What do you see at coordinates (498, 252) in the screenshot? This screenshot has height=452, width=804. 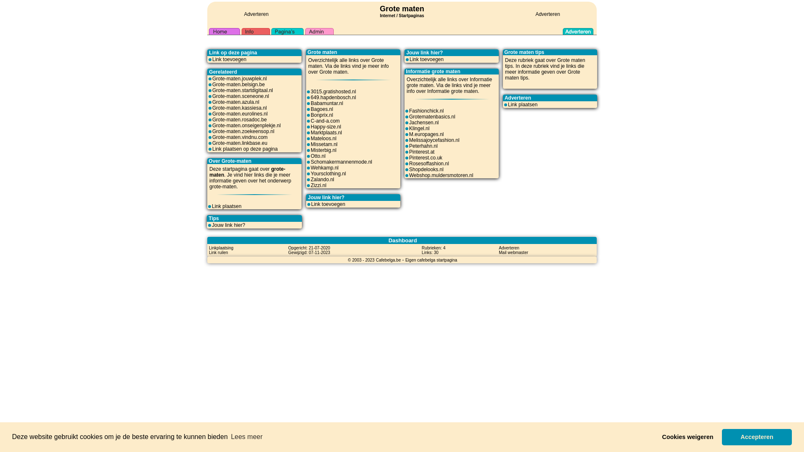 I see `'Mail webmaster'` at bounding box center [498, 252].